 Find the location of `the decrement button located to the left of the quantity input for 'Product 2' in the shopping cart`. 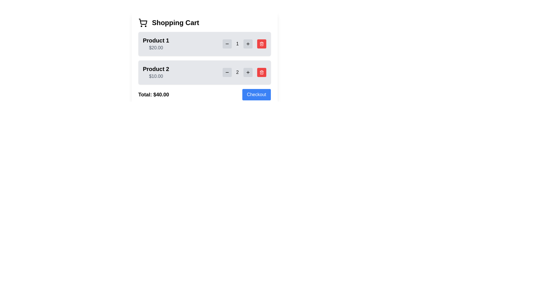

the decrement button located to the left of the quantity input for 'Product 2' in the shopping cart is located at coordinates (227, 72).